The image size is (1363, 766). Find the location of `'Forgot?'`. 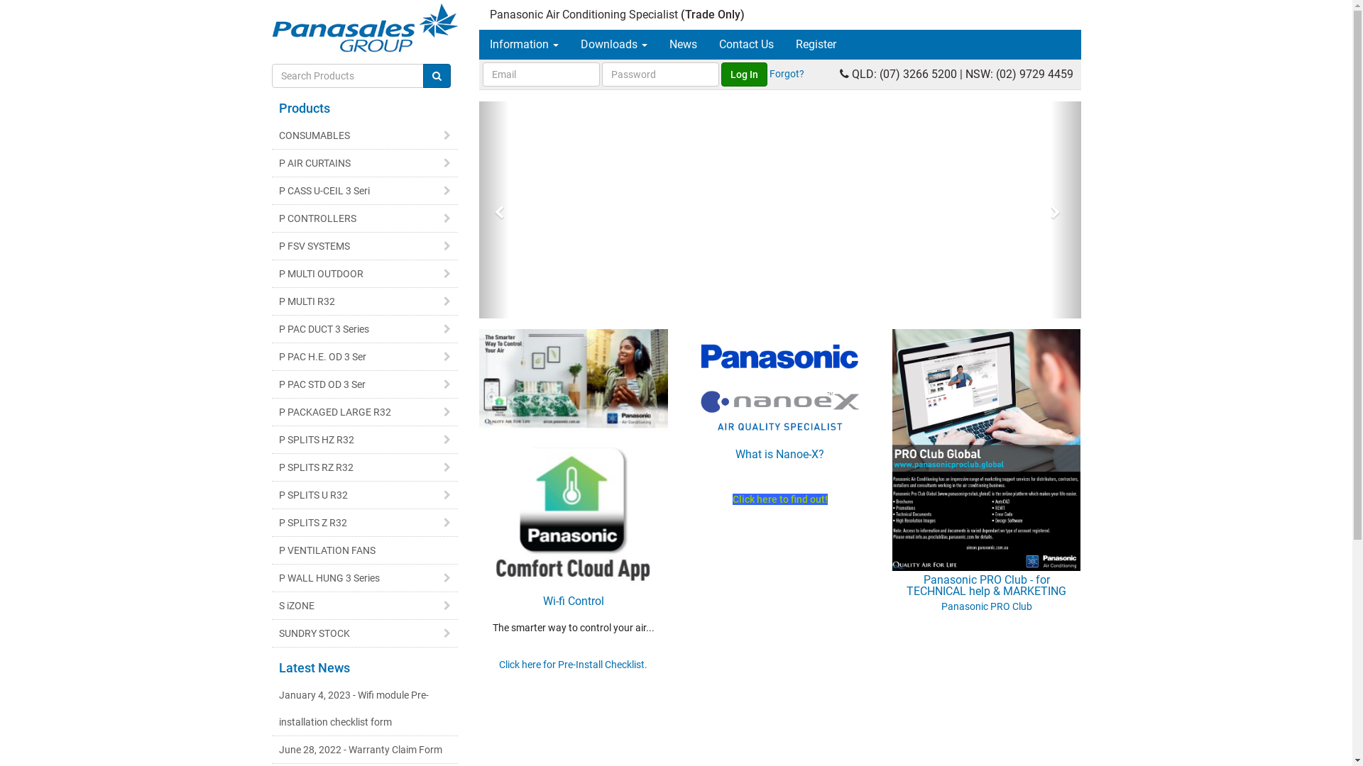

'Forgot?' is located at coordinates (786, 74).